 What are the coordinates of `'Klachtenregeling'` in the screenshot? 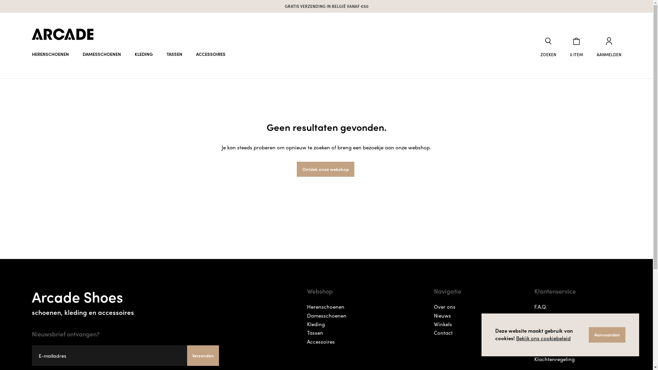 It's located at (554, 359).